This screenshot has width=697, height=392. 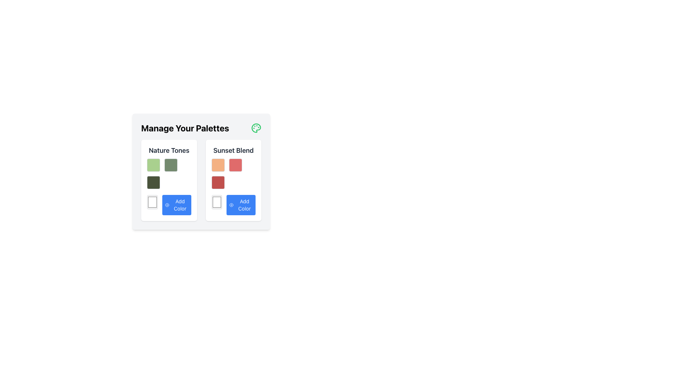 I want to click on the blue 'Add Color' button with rounded corners located in the 'Nature Tones' palette card, so click(x=168, y=205).